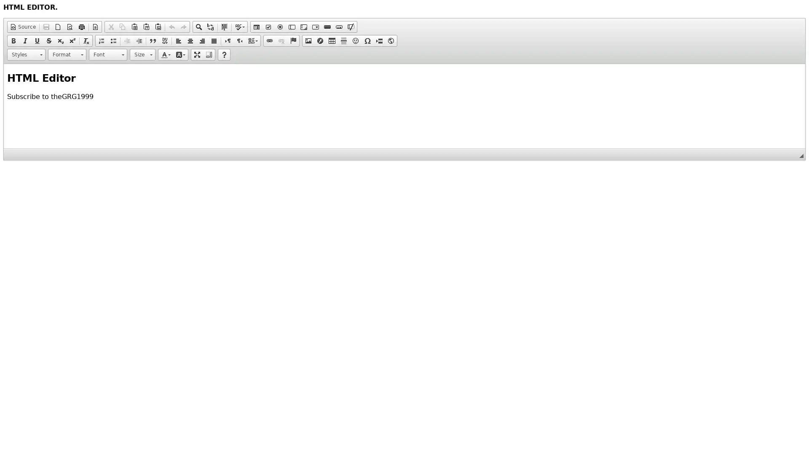 Image resolution: width=809 pixels, height=455 pixels. Describe the element at coordinates (48, 40) in the screenshot. I see `Strike Through` at that location.